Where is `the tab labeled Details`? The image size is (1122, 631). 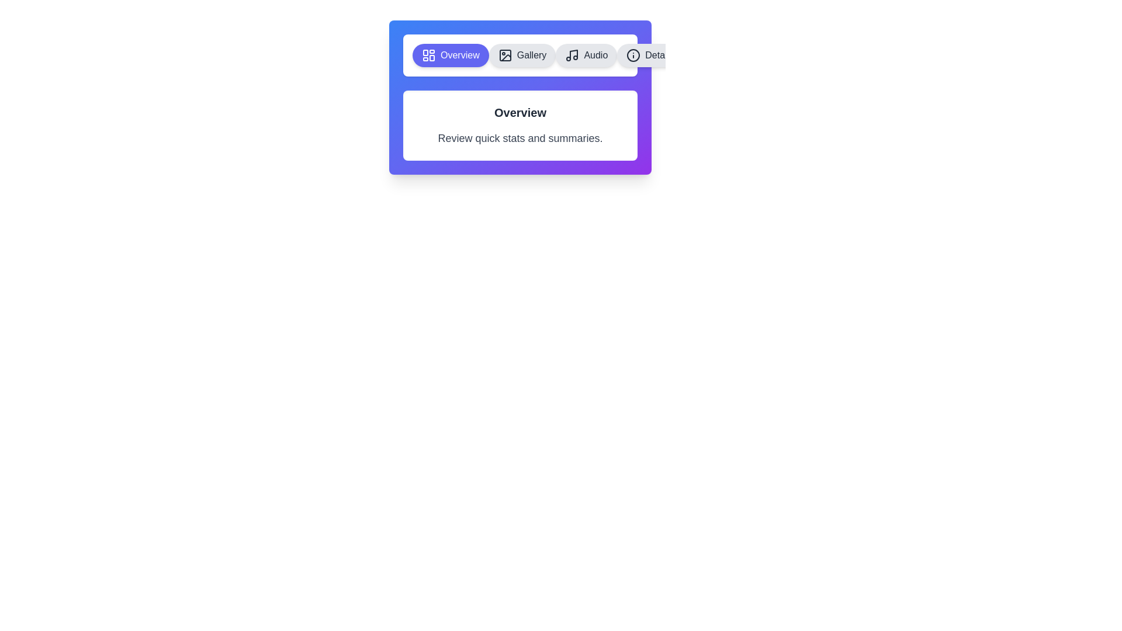 the tab labeled Details is located at coordinates (649, 56).